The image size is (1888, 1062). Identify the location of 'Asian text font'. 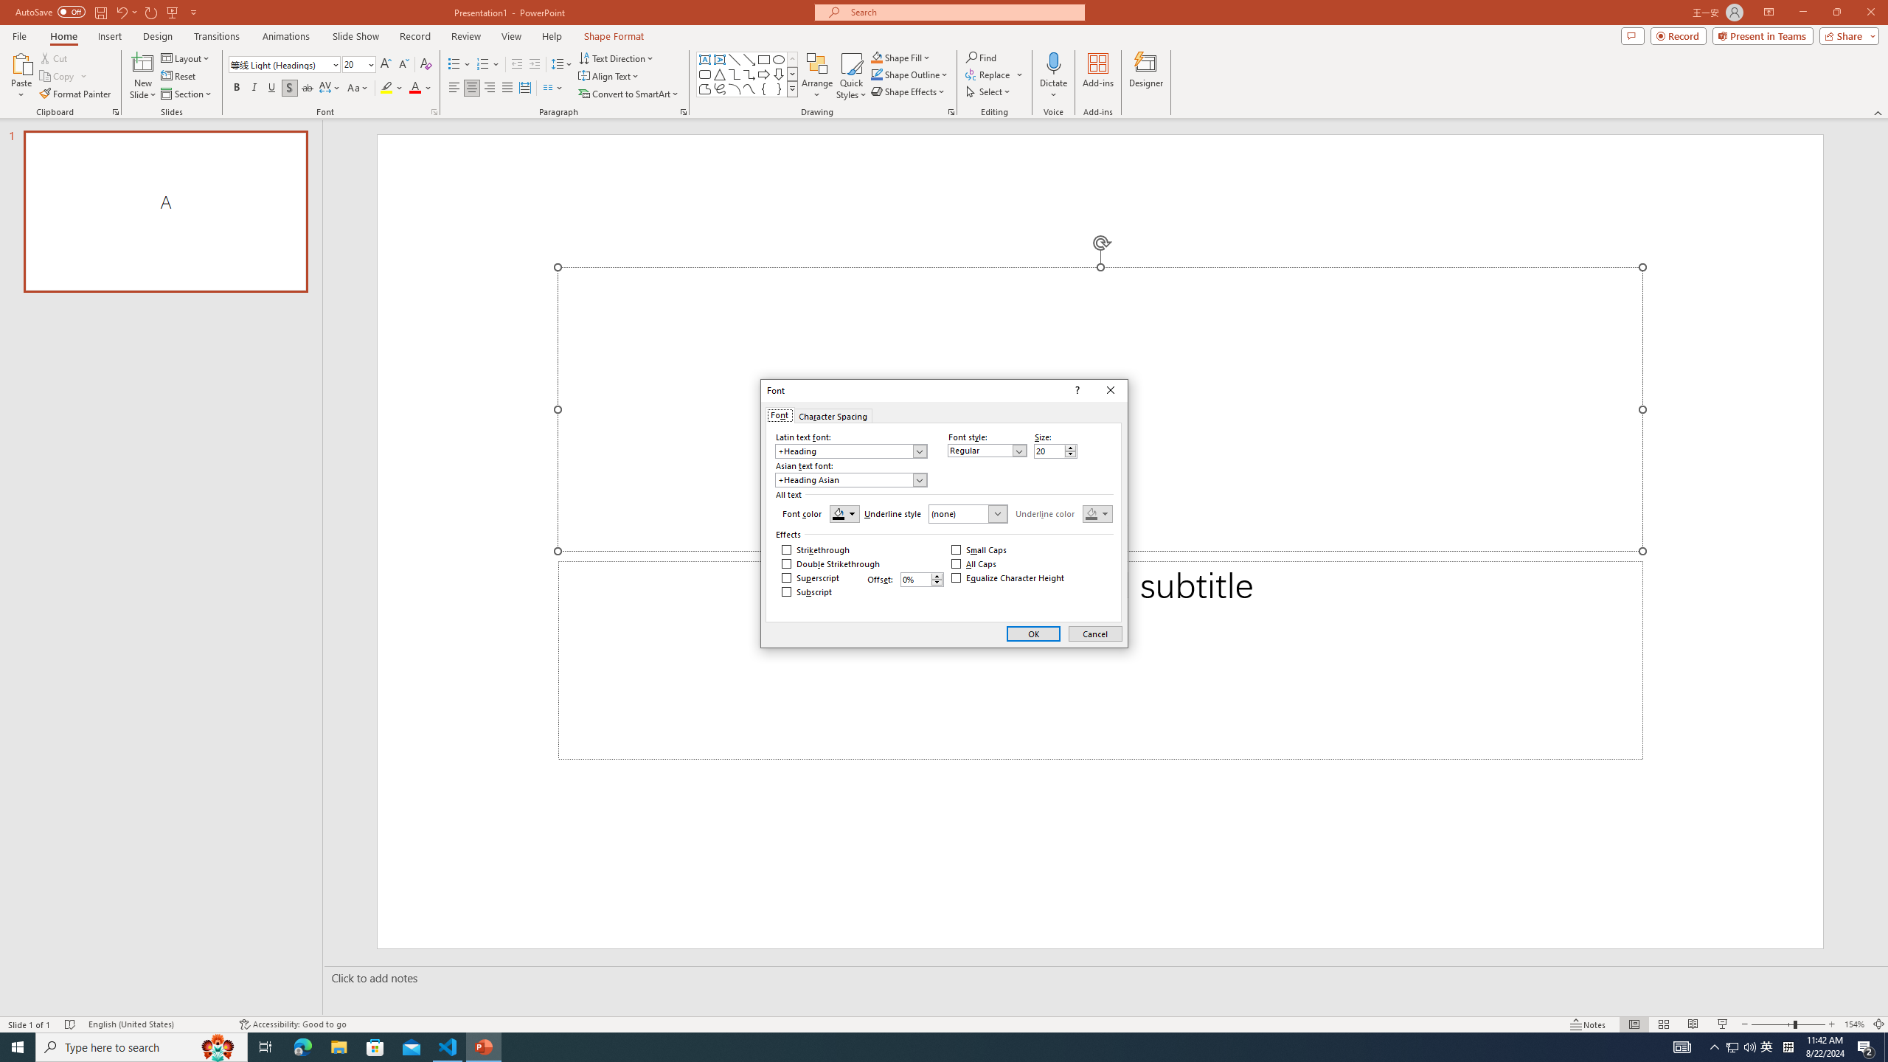
(850, 479).